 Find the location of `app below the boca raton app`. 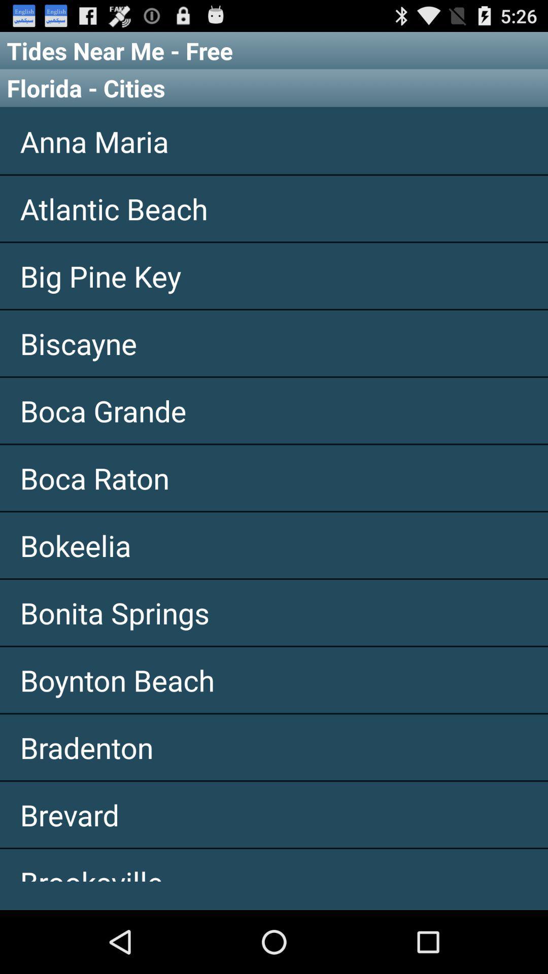

app below the boca raton app is located at coordinates (274, 545).